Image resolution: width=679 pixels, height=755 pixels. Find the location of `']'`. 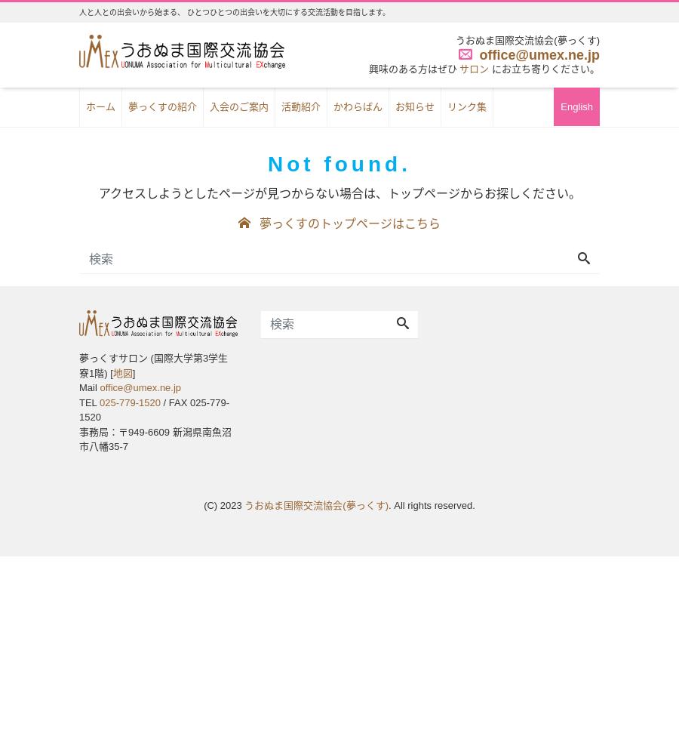

']' is located at coordinates (134, 371).